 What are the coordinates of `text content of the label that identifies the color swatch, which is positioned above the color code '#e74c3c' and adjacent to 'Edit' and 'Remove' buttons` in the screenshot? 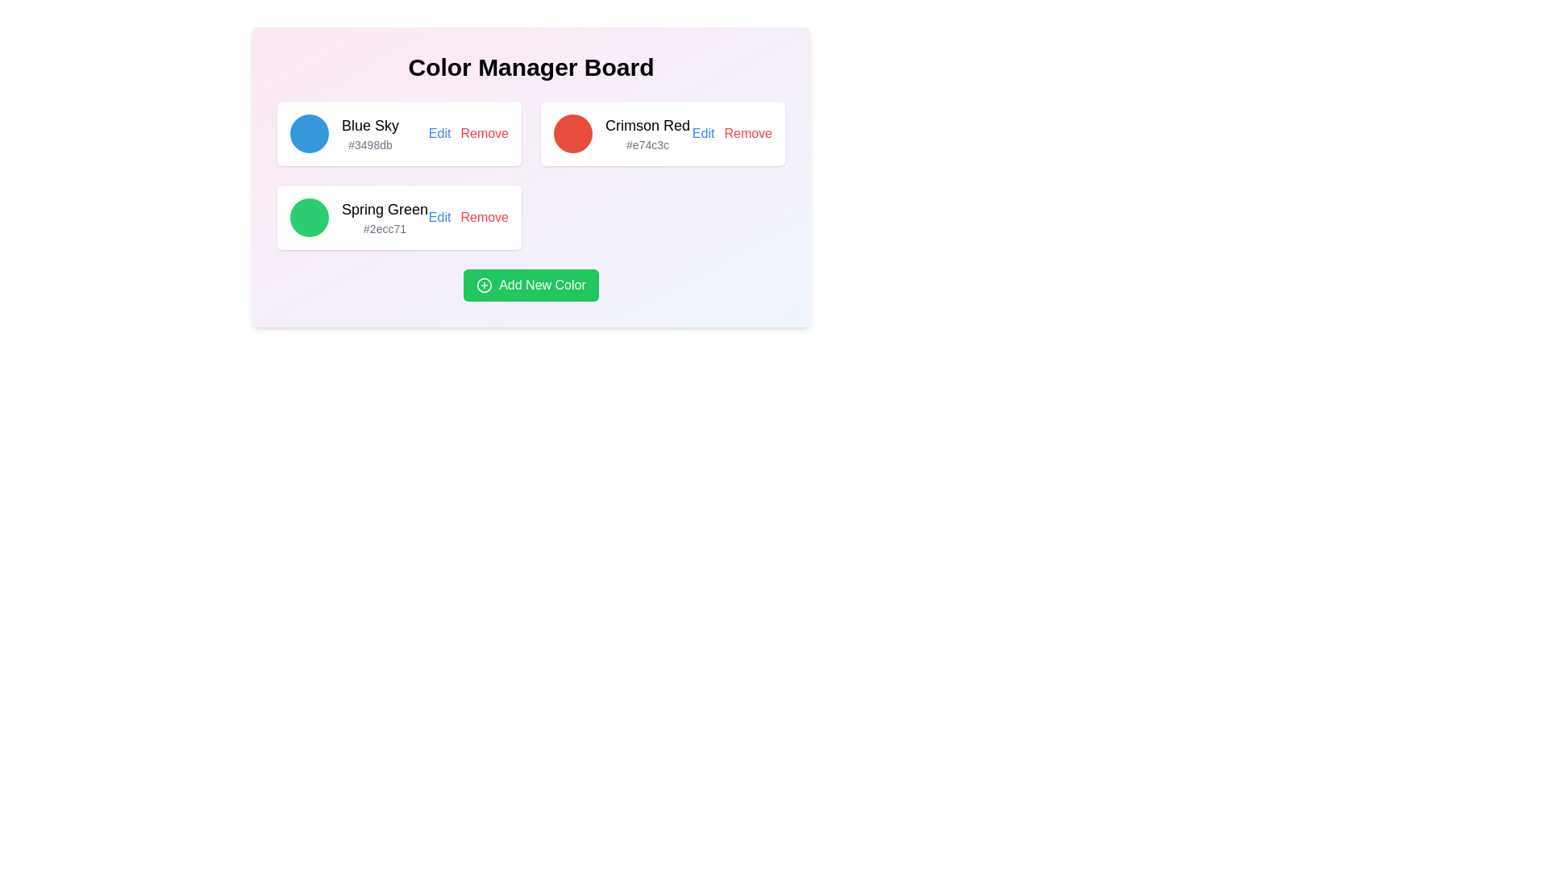 It's located at (647, 124).